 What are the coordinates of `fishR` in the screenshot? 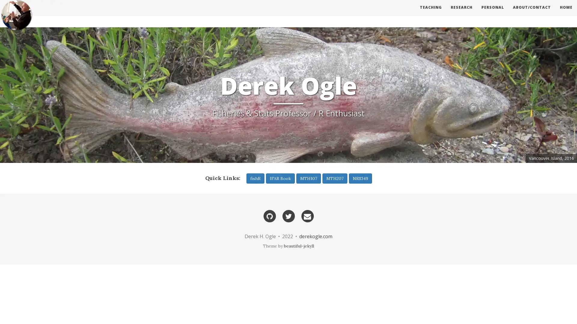 It's located at (255, 178).